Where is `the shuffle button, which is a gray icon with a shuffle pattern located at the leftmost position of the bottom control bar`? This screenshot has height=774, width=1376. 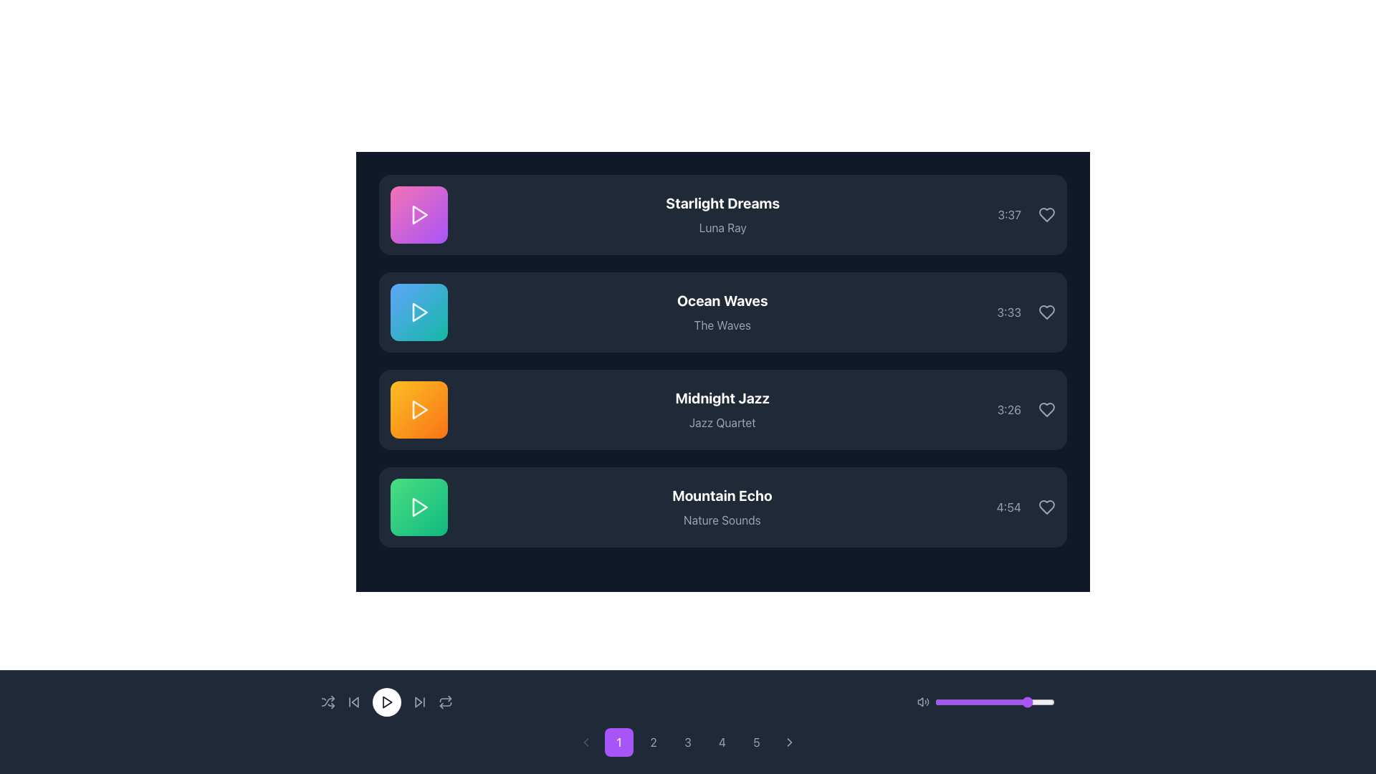
the shuffle button, which is a gray icon with a shuffle pattern located at the leftmost position of the bottom control bar is located at coordinates (327, 701).